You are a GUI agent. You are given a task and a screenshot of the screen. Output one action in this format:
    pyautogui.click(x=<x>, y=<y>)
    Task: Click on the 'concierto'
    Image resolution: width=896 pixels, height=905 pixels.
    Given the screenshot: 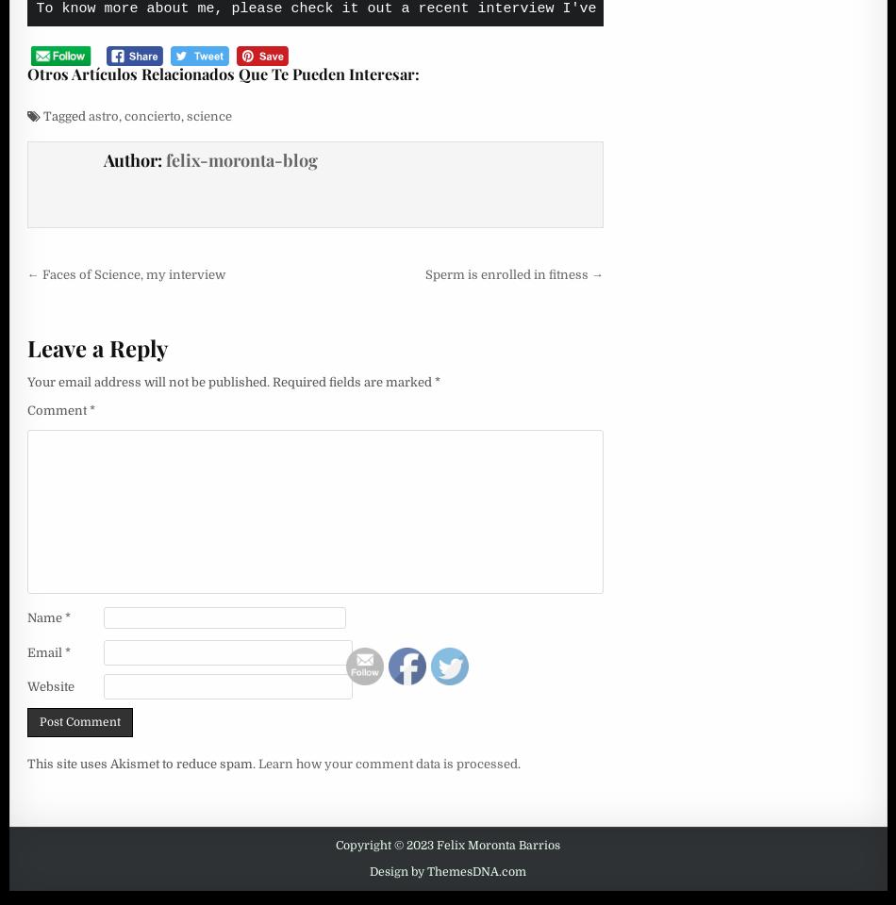 What is the action you would take?
    pyautogui.click(x=152, y=114)
    